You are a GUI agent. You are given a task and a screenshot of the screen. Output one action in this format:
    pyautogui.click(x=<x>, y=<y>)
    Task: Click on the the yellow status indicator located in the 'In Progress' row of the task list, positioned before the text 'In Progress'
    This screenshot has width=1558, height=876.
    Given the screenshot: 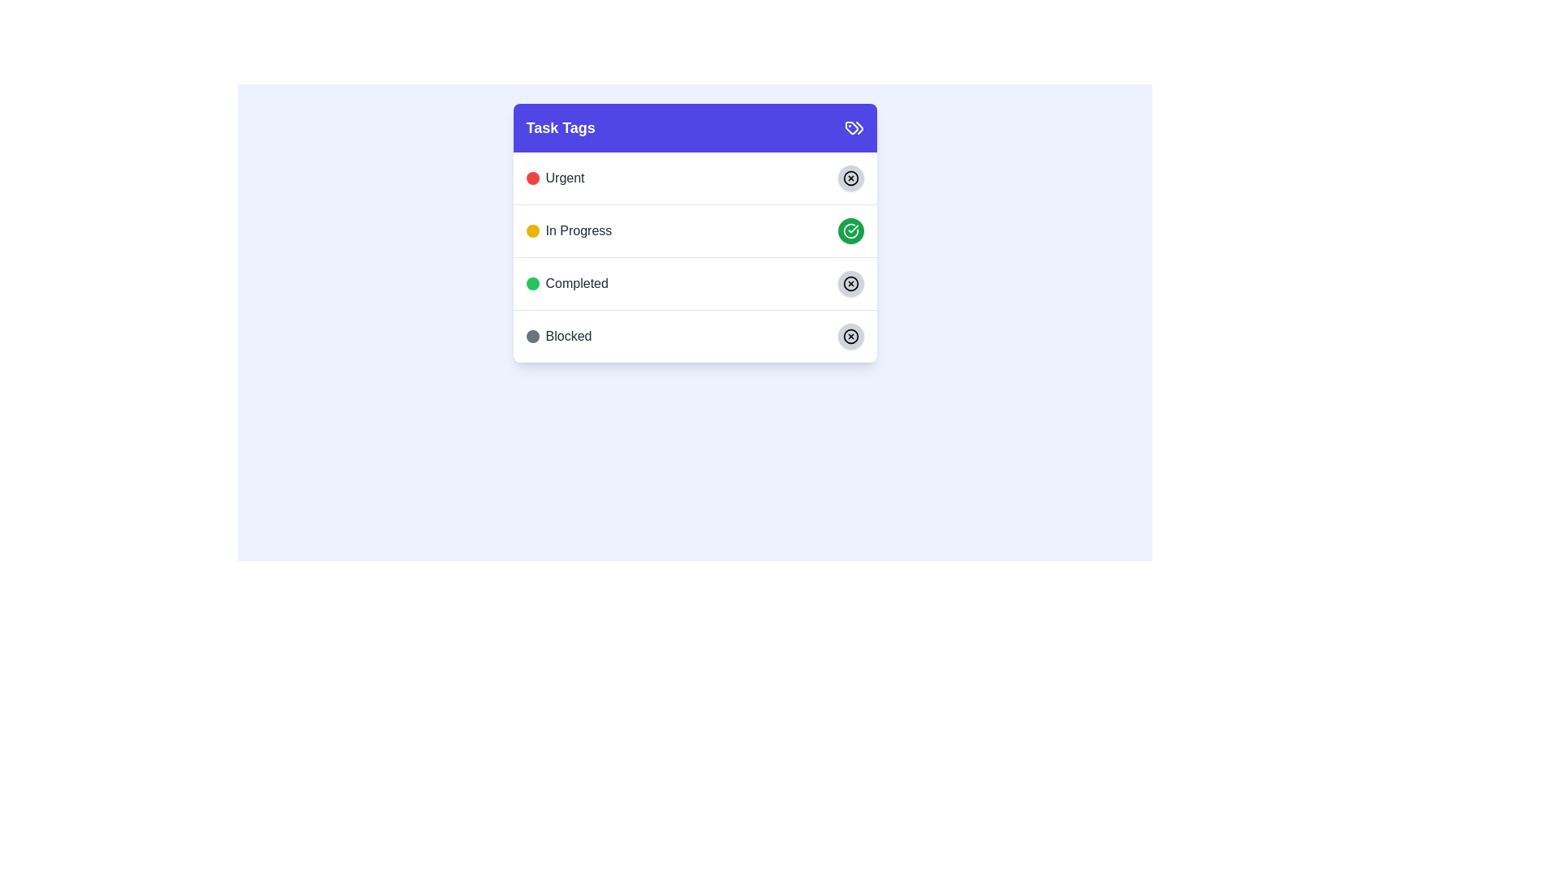 What is the action you would take?
    pyautogui.click(x=532, y=231)
    